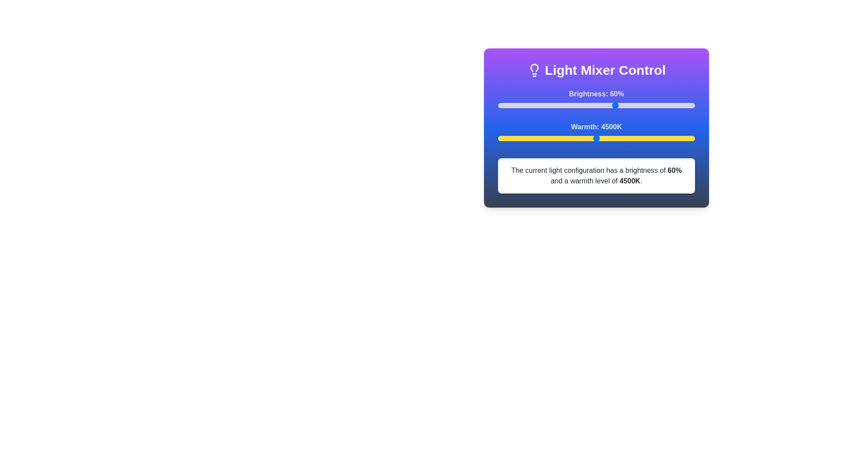 The image size is (844, 475). What do you see at coordinates (529, 105) in the screenshot?
I see `the brightness slider to 16%` at bounding box center [529, 105].